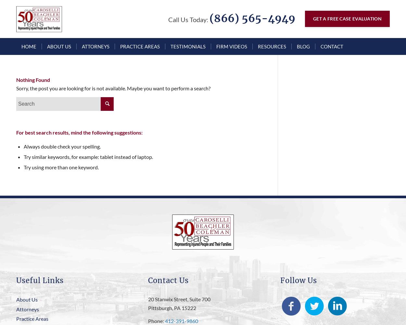 The width and height of the screenshot is (406, 325). What do you see at coordinates (211, 162) in the screenshot?
I see `'Delayed Diagnosis'` at bounding box center [211, 162].